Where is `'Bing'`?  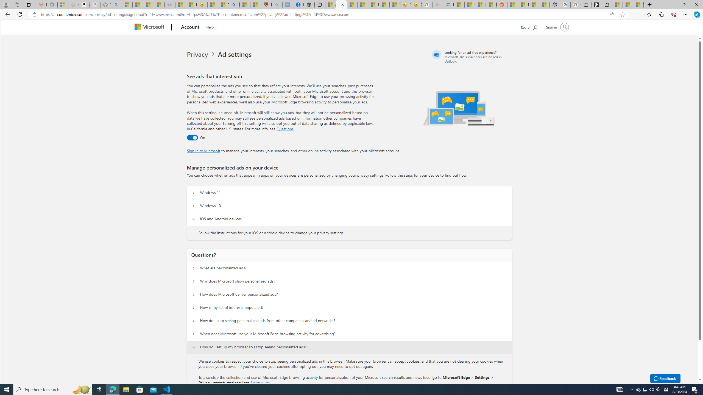
'Bing' is located at coordinates (234, 4).